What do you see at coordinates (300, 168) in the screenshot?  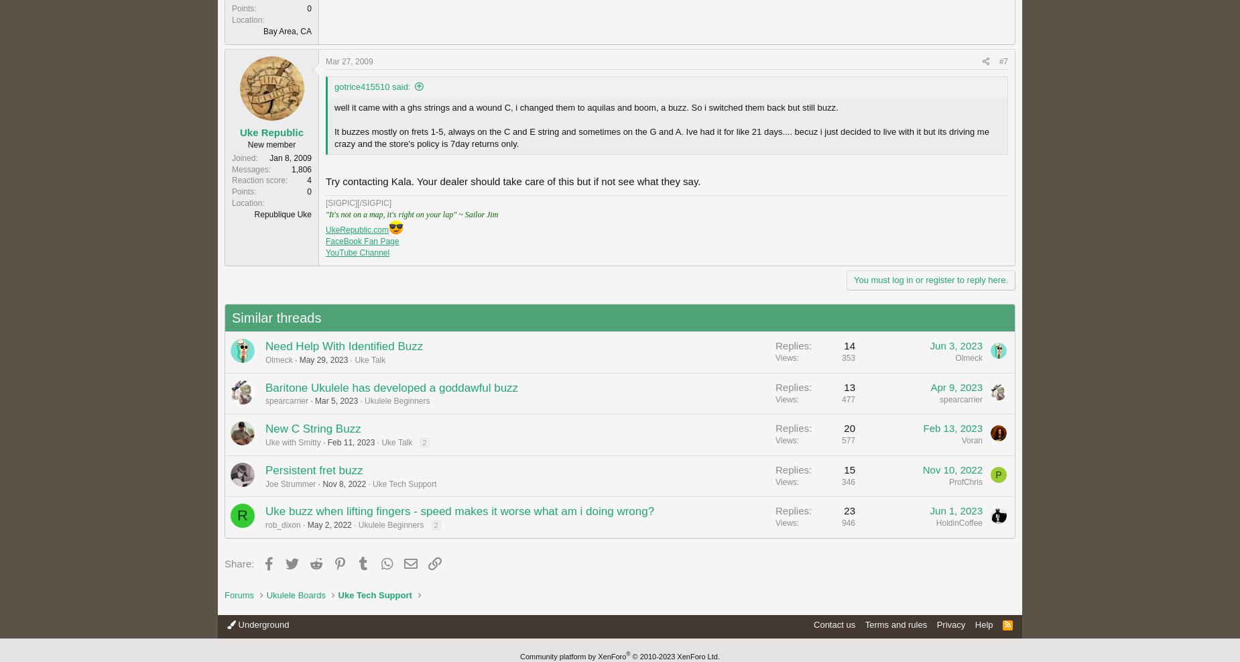 I see `'1,806'` at bounding box center [300, 168].